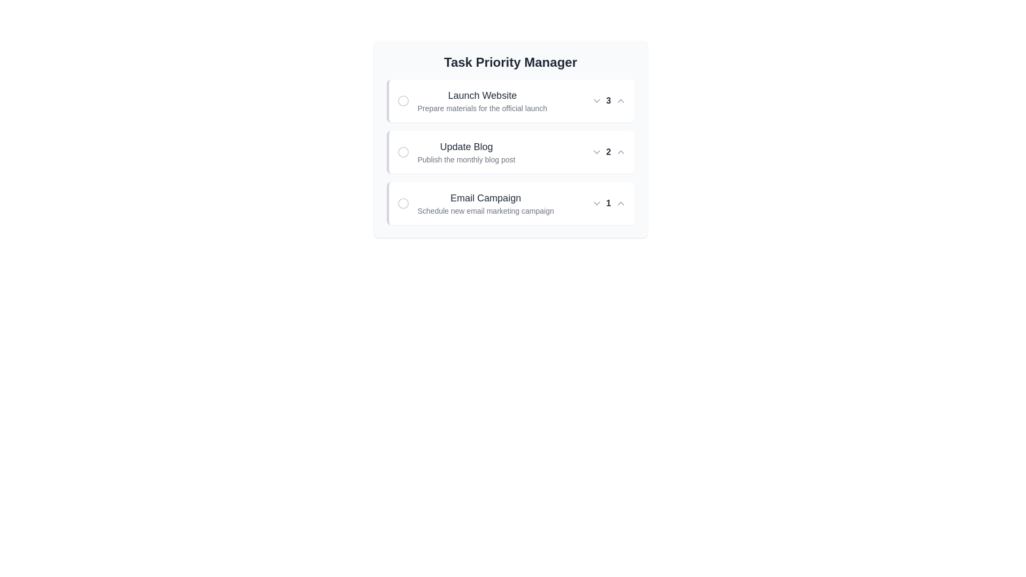  Describe the element at coordinates (596, 152) in the screenshot. I see `the chevron icon located to the left of the number '2' in the second task block labeled 'Update Blog'` at that location.